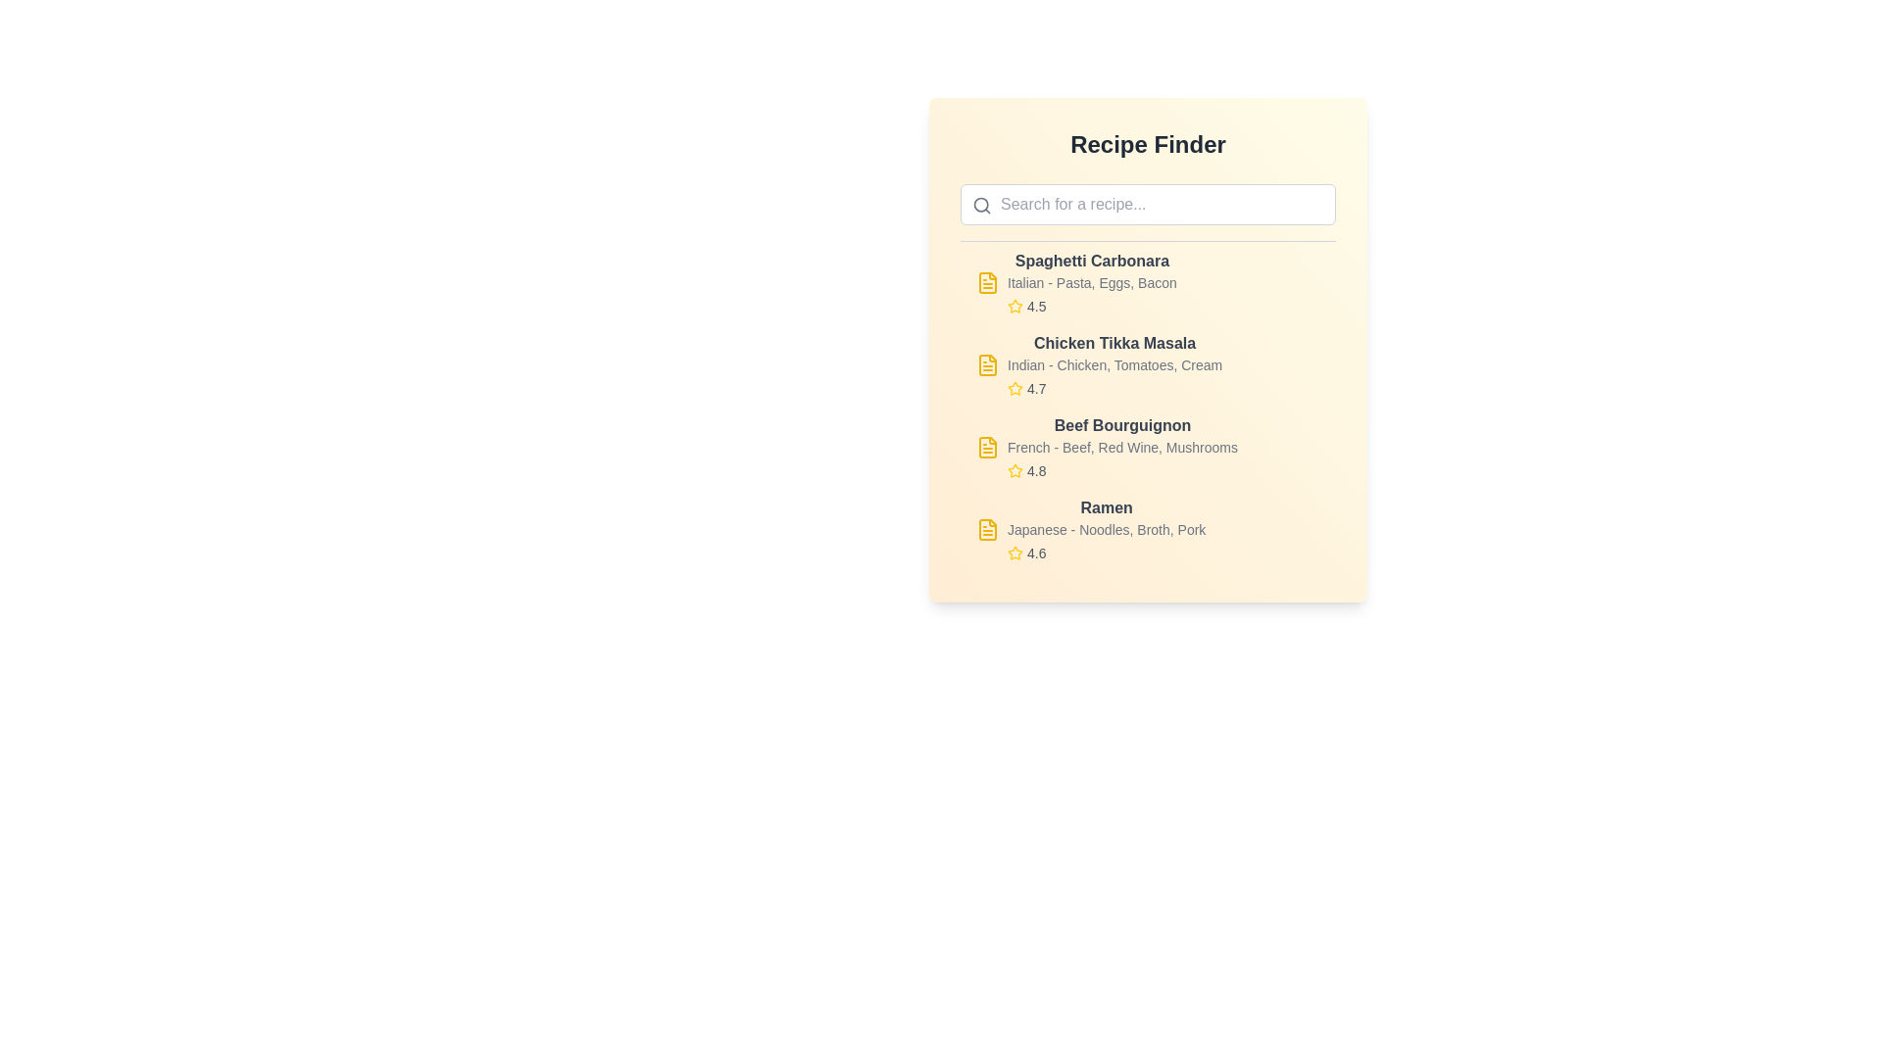  Describe the element at coordinates (1091, 260) in the screenshot. I see `on the recipe title text label located at the top of the recipe listing interface` at that location.